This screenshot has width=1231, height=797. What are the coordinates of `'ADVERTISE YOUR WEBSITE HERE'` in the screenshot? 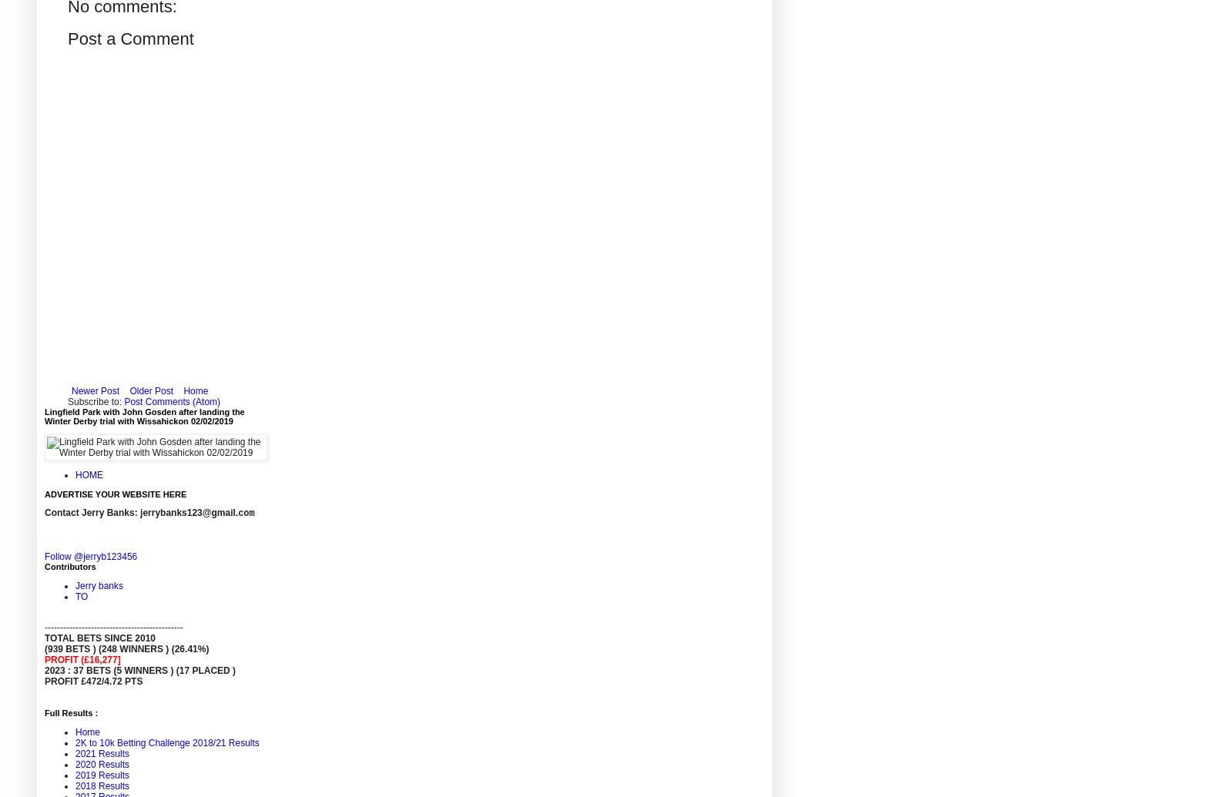 It's located at (44, 494).